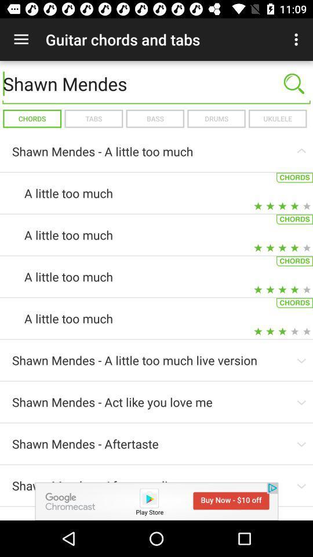 This screenshot has height=557, width=313. I want to click on icon next to the ukulele item, so click(216, 118).